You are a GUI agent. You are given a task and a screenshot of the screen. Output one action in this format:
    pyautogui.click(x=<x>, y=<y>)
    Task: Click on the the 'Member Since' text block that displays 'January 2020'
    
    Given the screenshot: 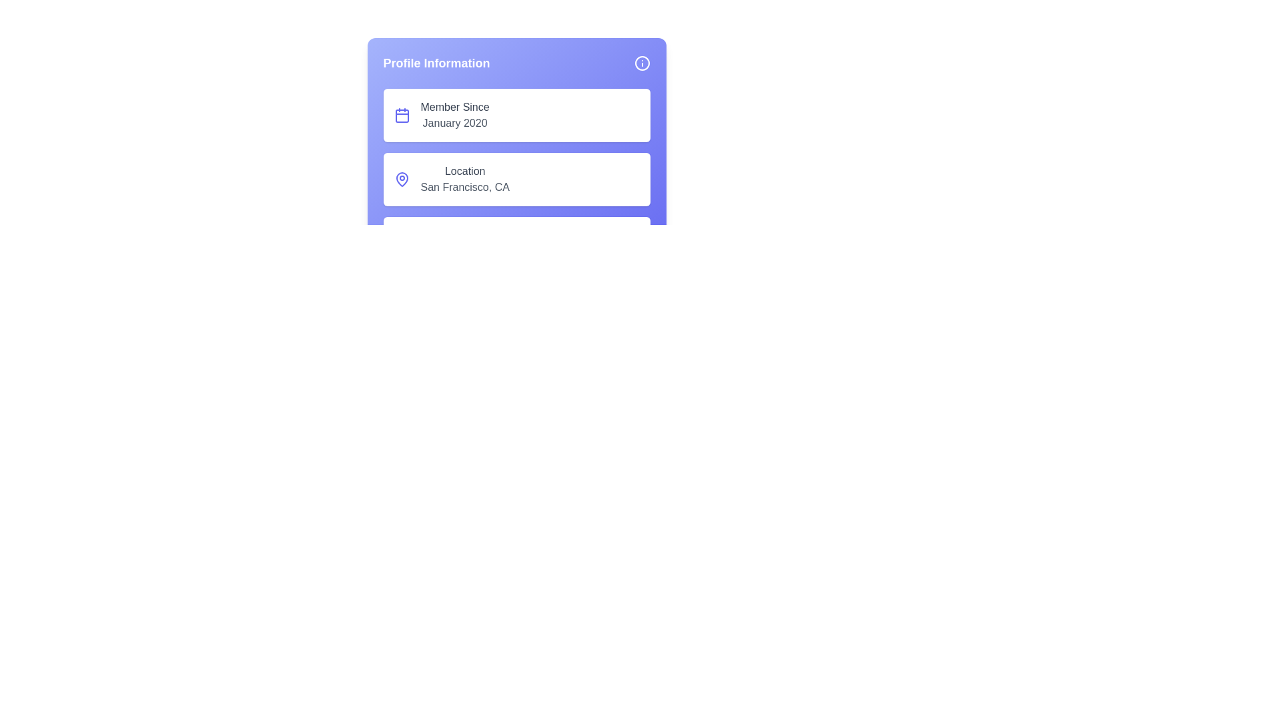 What is the action you would take?
    pyautogui.click(x=455, y=115)
    